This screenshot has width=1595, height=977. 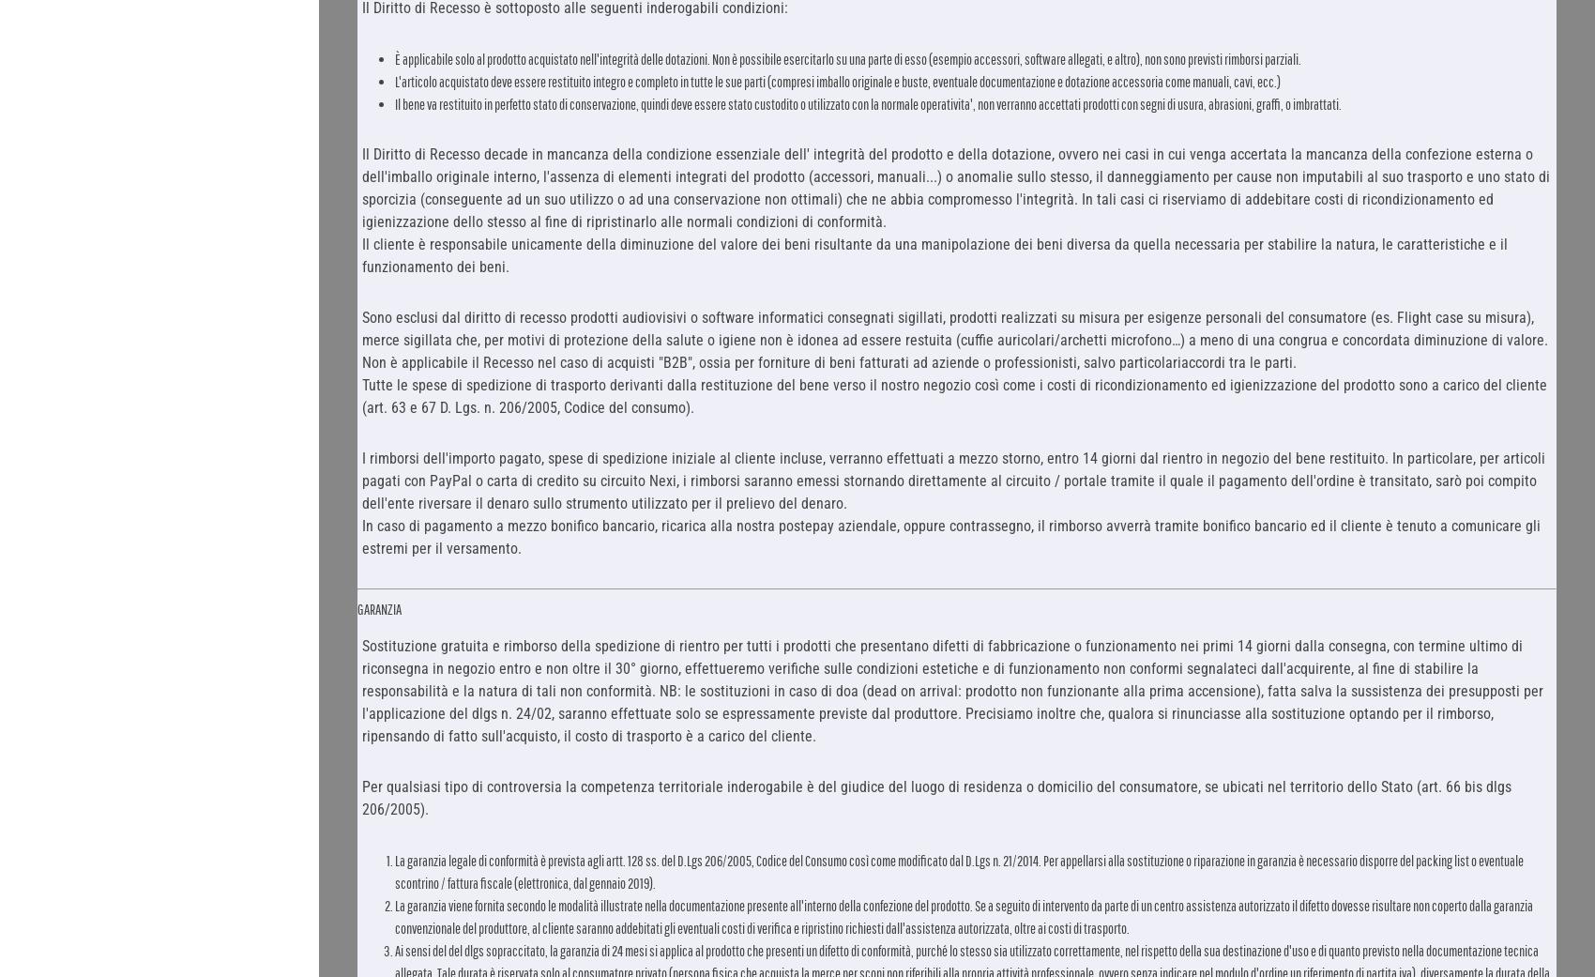 What do you see at coordinates (360, 796) in the screenshot?
I see `'Per qualsiasi tipo di controversia la competenza territoriale inderogabile è del giudice del luogo di residenza o domicilio del consumatore, se ubicati nel territorio dello Stato (art. 66 bis dlgs 206/2005).'` at bounding box center [360, 796].